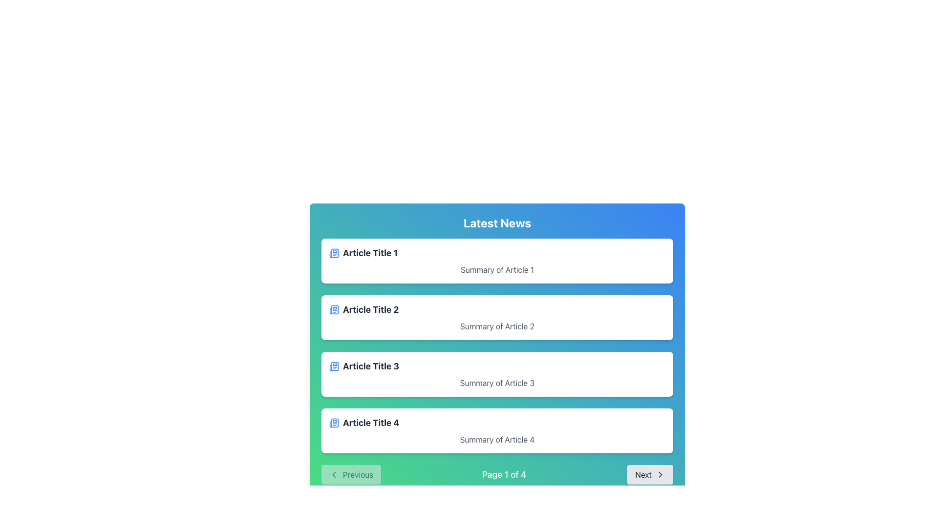 Image resolution: width=938 pixels, height=527 pixels. What do you see at coordinates (334, 474) in the screenshot?
I see `the left-facing chevron icon within the 'Previous' button` at bounding box center [334, 474].